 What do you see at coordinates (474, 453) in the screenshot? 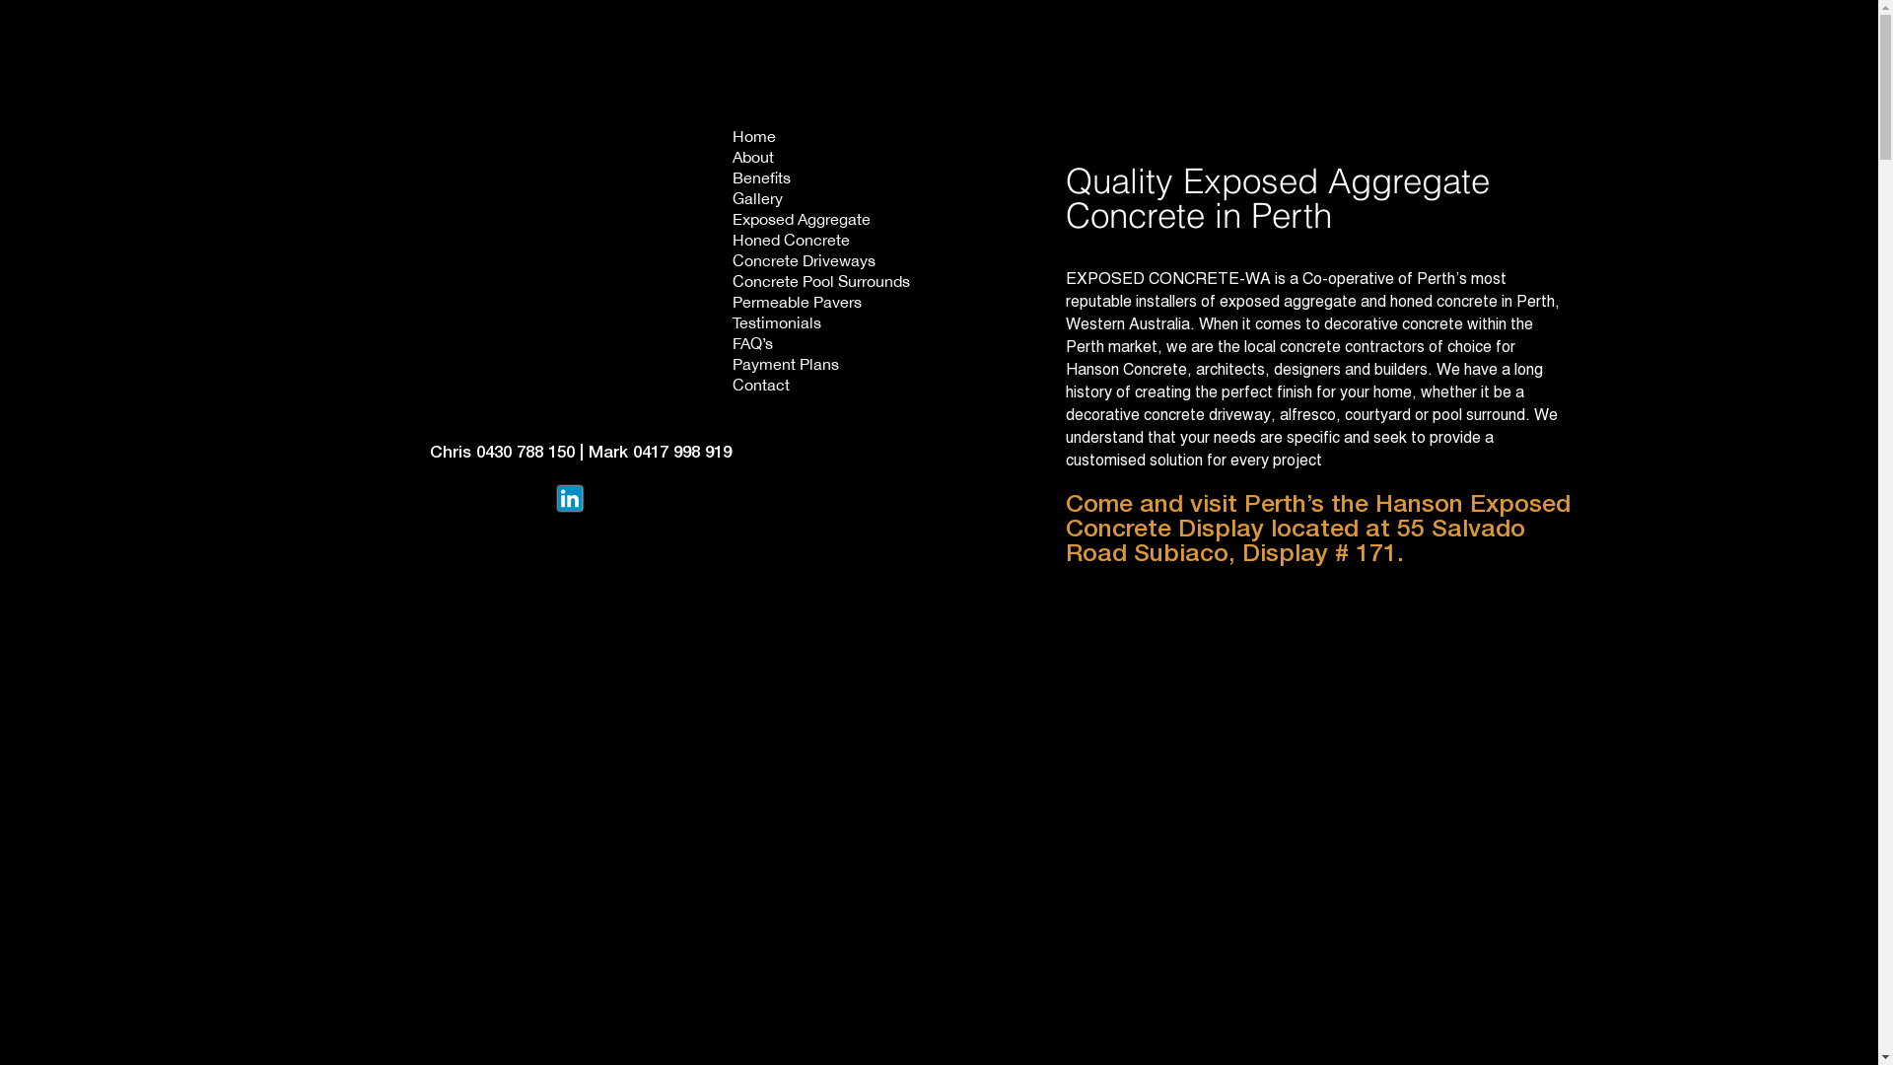
I see `'0430 788 150'` at bounding box center [474, 453].